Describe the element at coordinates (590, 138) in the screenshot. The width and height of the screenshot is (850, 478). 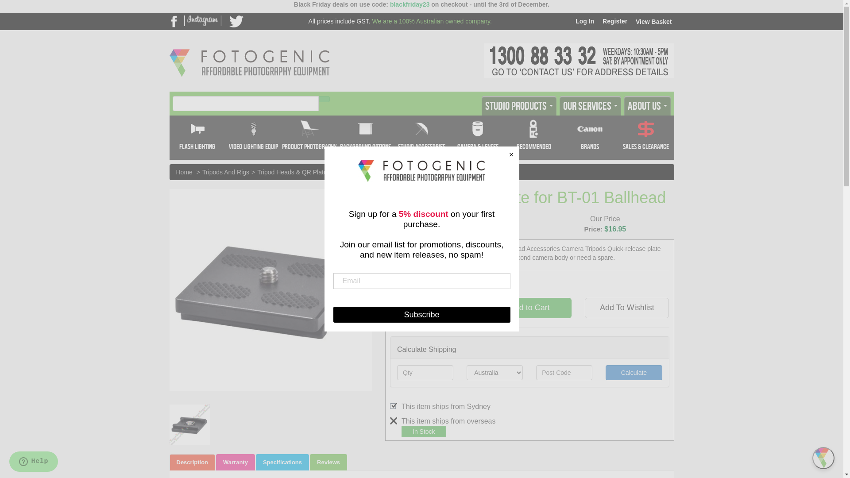
I see `'Brands'` at that location.